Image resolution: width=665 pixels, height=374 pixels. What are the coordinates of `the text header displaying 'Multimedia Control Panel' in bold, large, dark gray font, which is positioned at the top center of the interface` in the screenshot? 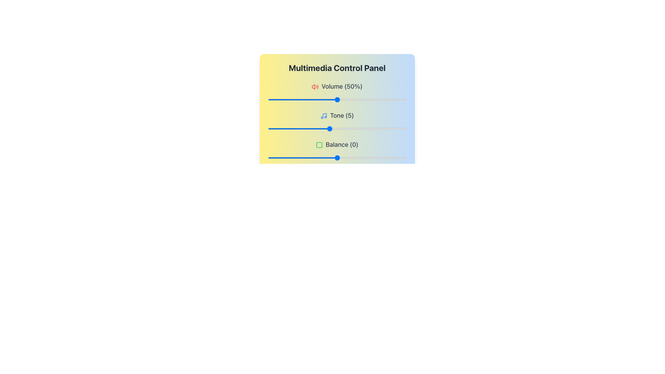 It's located at (337, 68).